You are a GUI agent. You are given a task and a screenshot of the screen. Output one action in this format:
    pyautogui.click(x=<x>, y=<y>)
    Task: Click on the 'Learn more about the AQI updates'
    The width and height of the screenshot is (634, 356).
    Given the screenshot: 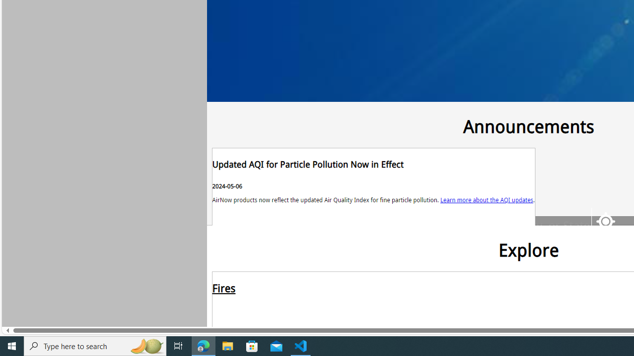 What is the action you would take?
    pyautogui.click(x=487, y=199)
    